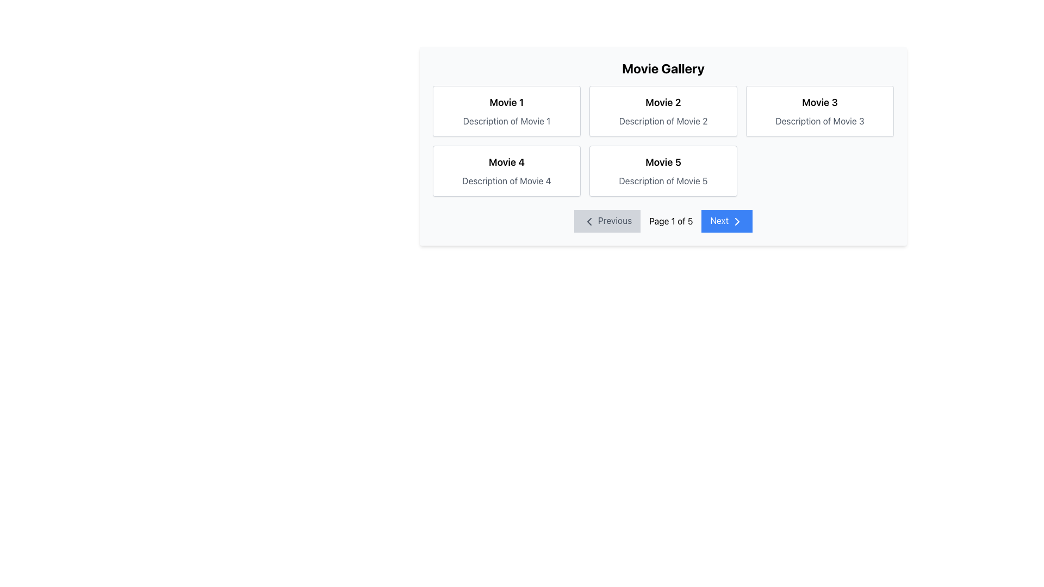 Image resolution: width=1044 pixels, height=587 pixels. Describe the element at coordinates (662, 171) in the screenshot. I see `the movie information card located in the second row, second column of a 3-column grid layout, situated directly to the right of the 'Movie 4' card and below the 'Movie 2' card` at that location.